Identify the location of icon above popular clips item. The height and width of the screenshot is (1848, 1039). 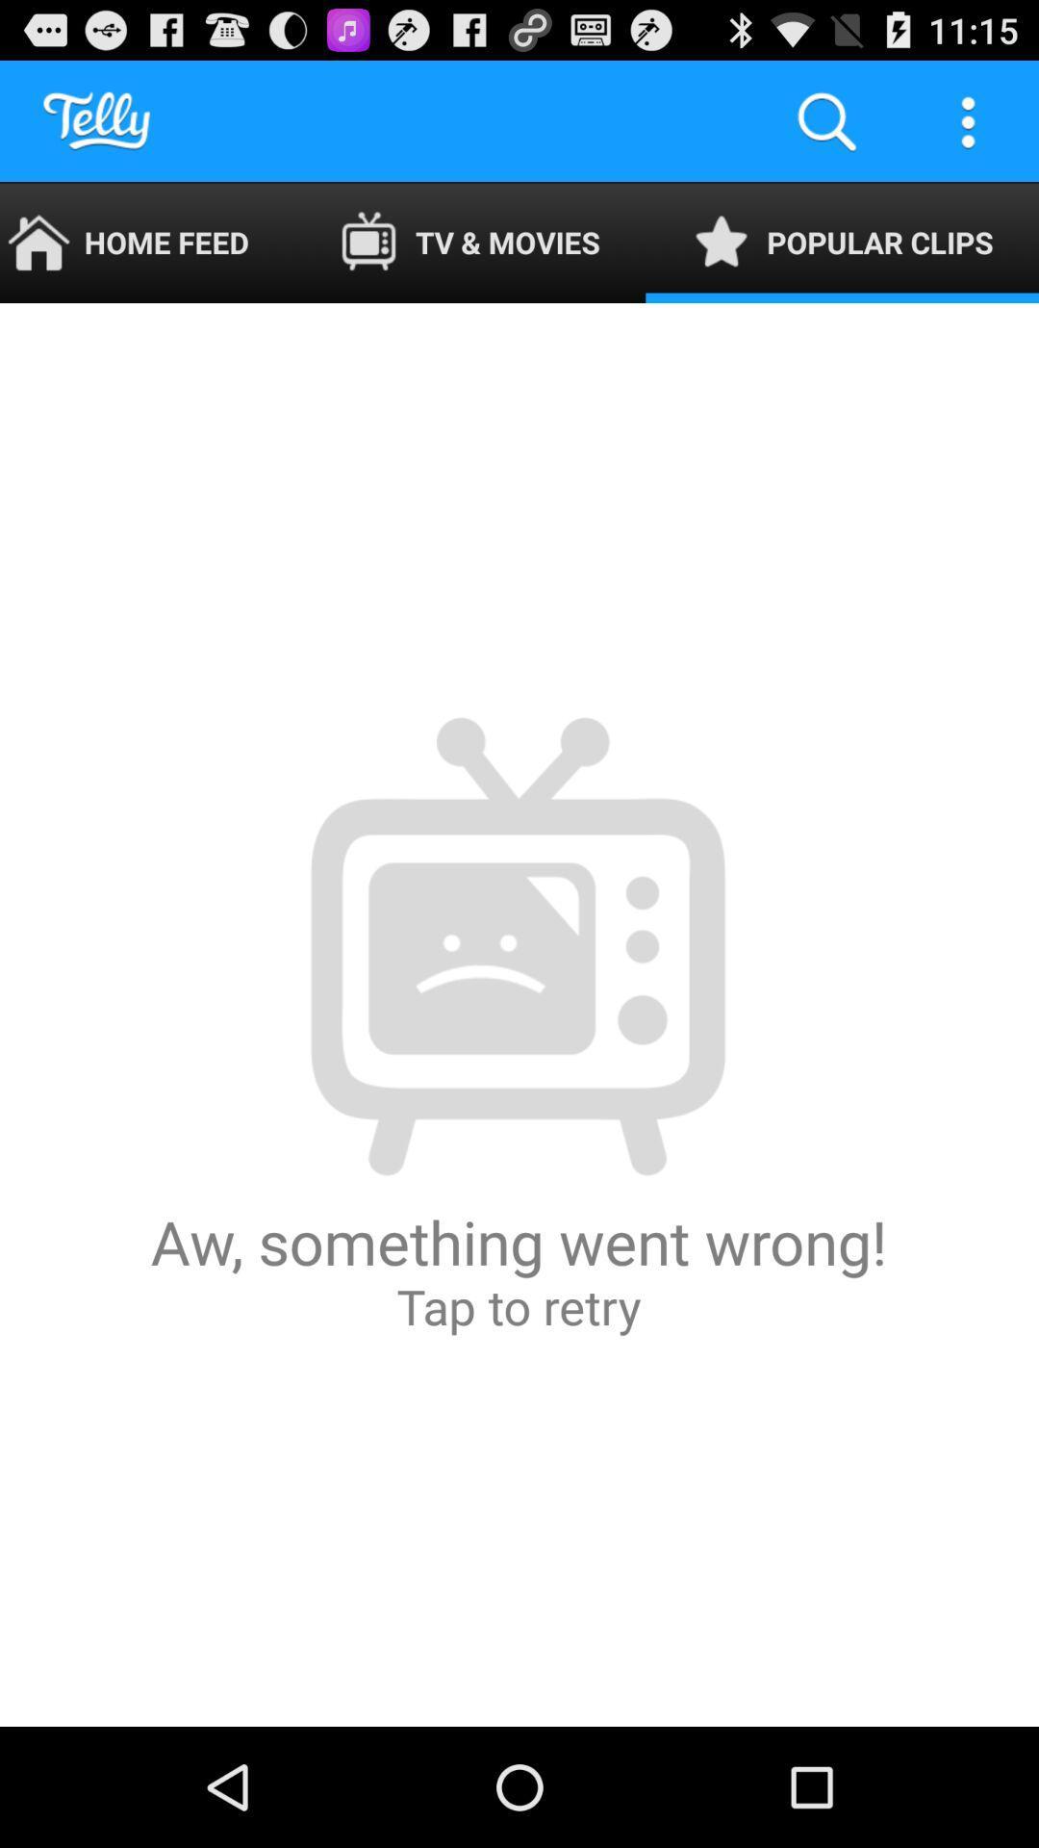
(825, 119).